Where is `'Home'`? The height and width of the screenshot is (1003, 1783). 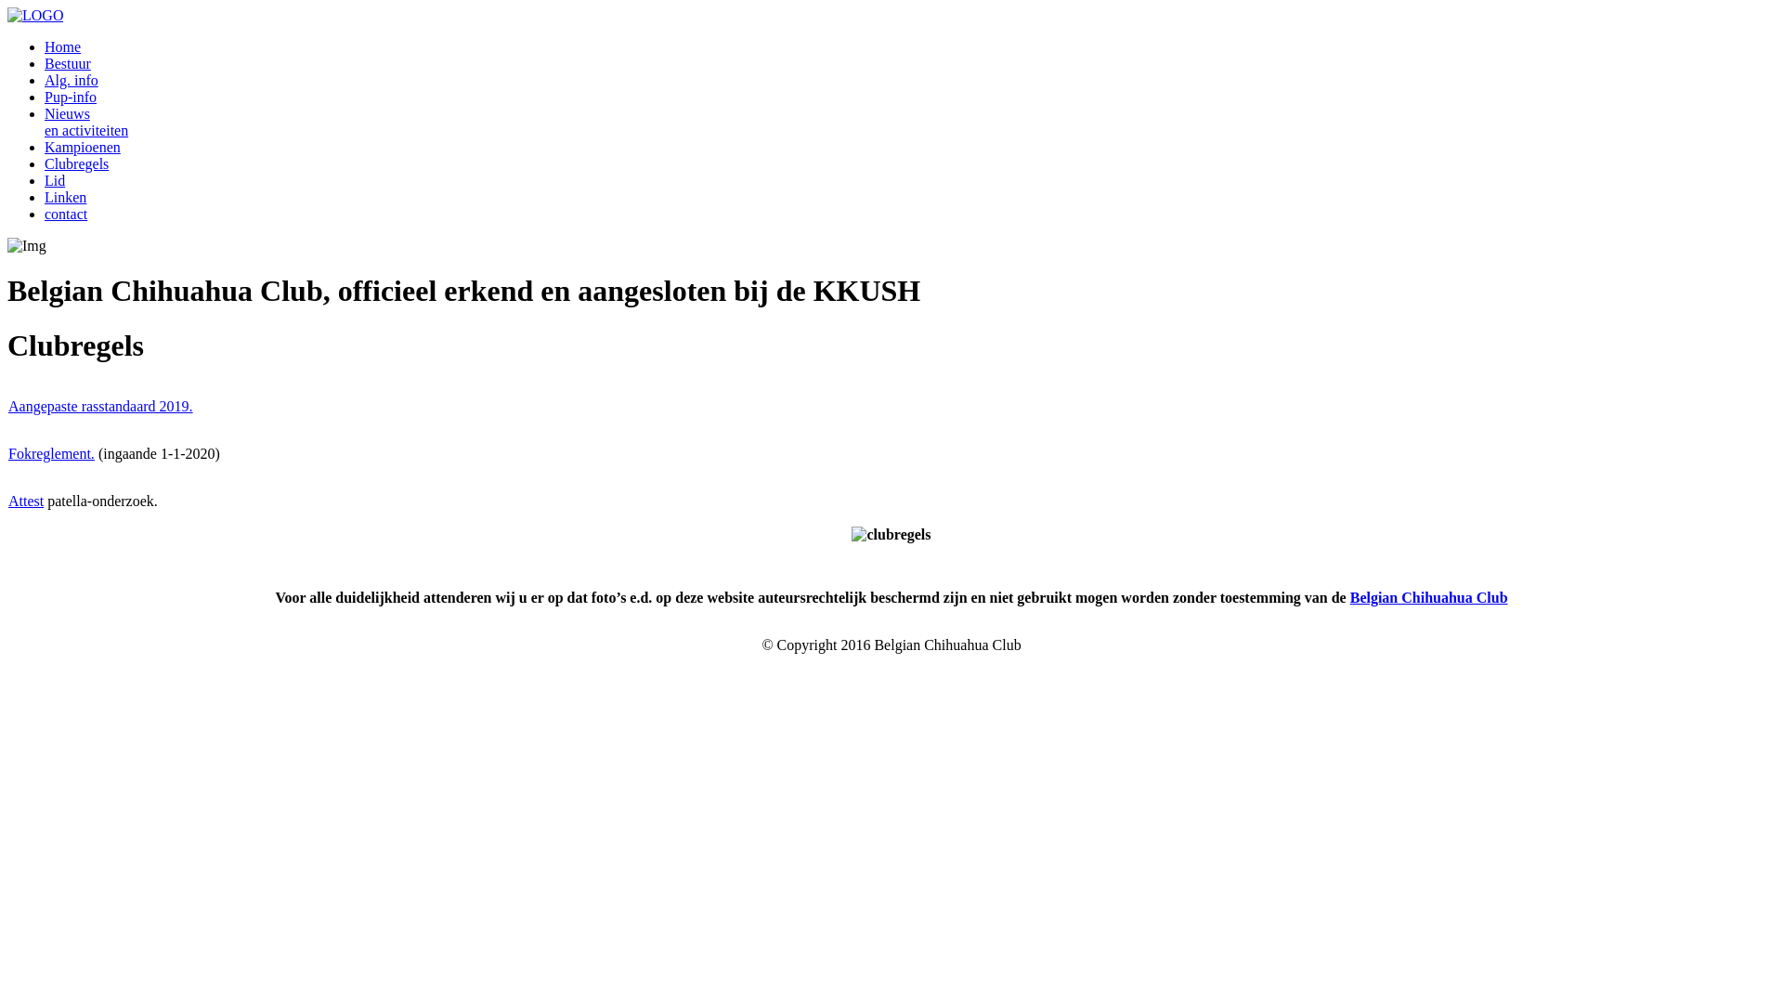
'Home' is located at coordinates (62, 46).